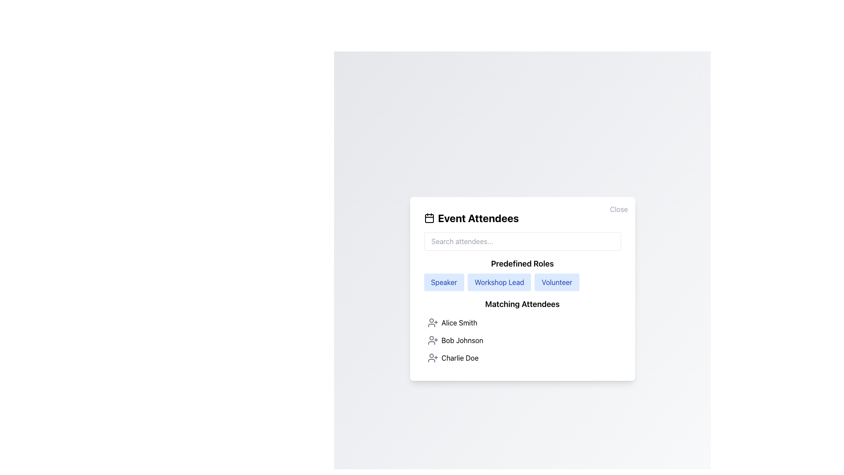 Image resolution: width=844 pixels, height=475 pixels. What do you see at coordinates (444, 282) in the screenshot?
I see `the 'Speaker' button, which is the first button in the 'Predefined Roles' section` at bounding box center [444, 282].